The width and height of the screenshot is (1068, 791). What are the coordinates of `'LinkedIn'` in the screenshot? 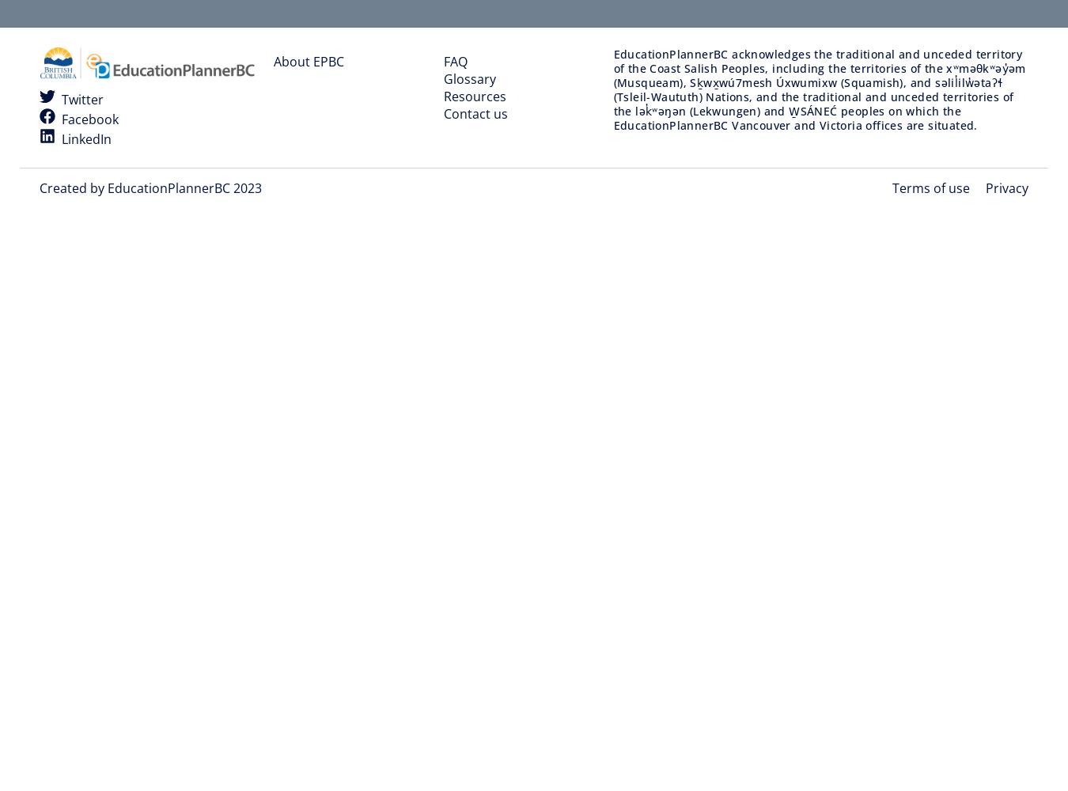 It's located at (61, 138).